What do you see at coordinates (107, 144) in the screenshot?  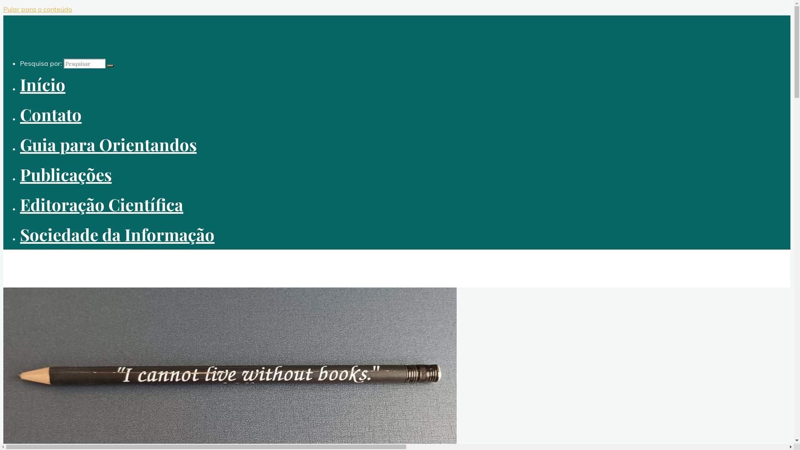 I see `'Guia para Orientandos'` at bounding box center [107, 144].